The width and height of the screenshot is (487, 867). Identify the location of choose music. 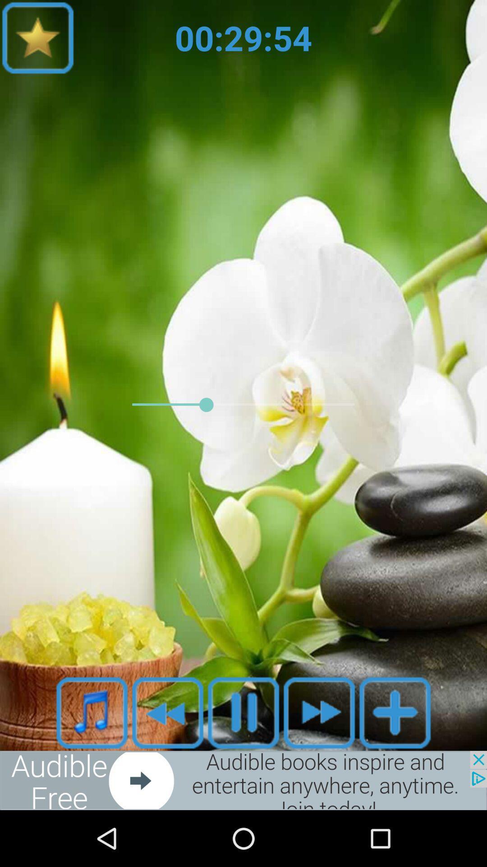
(92, 712).